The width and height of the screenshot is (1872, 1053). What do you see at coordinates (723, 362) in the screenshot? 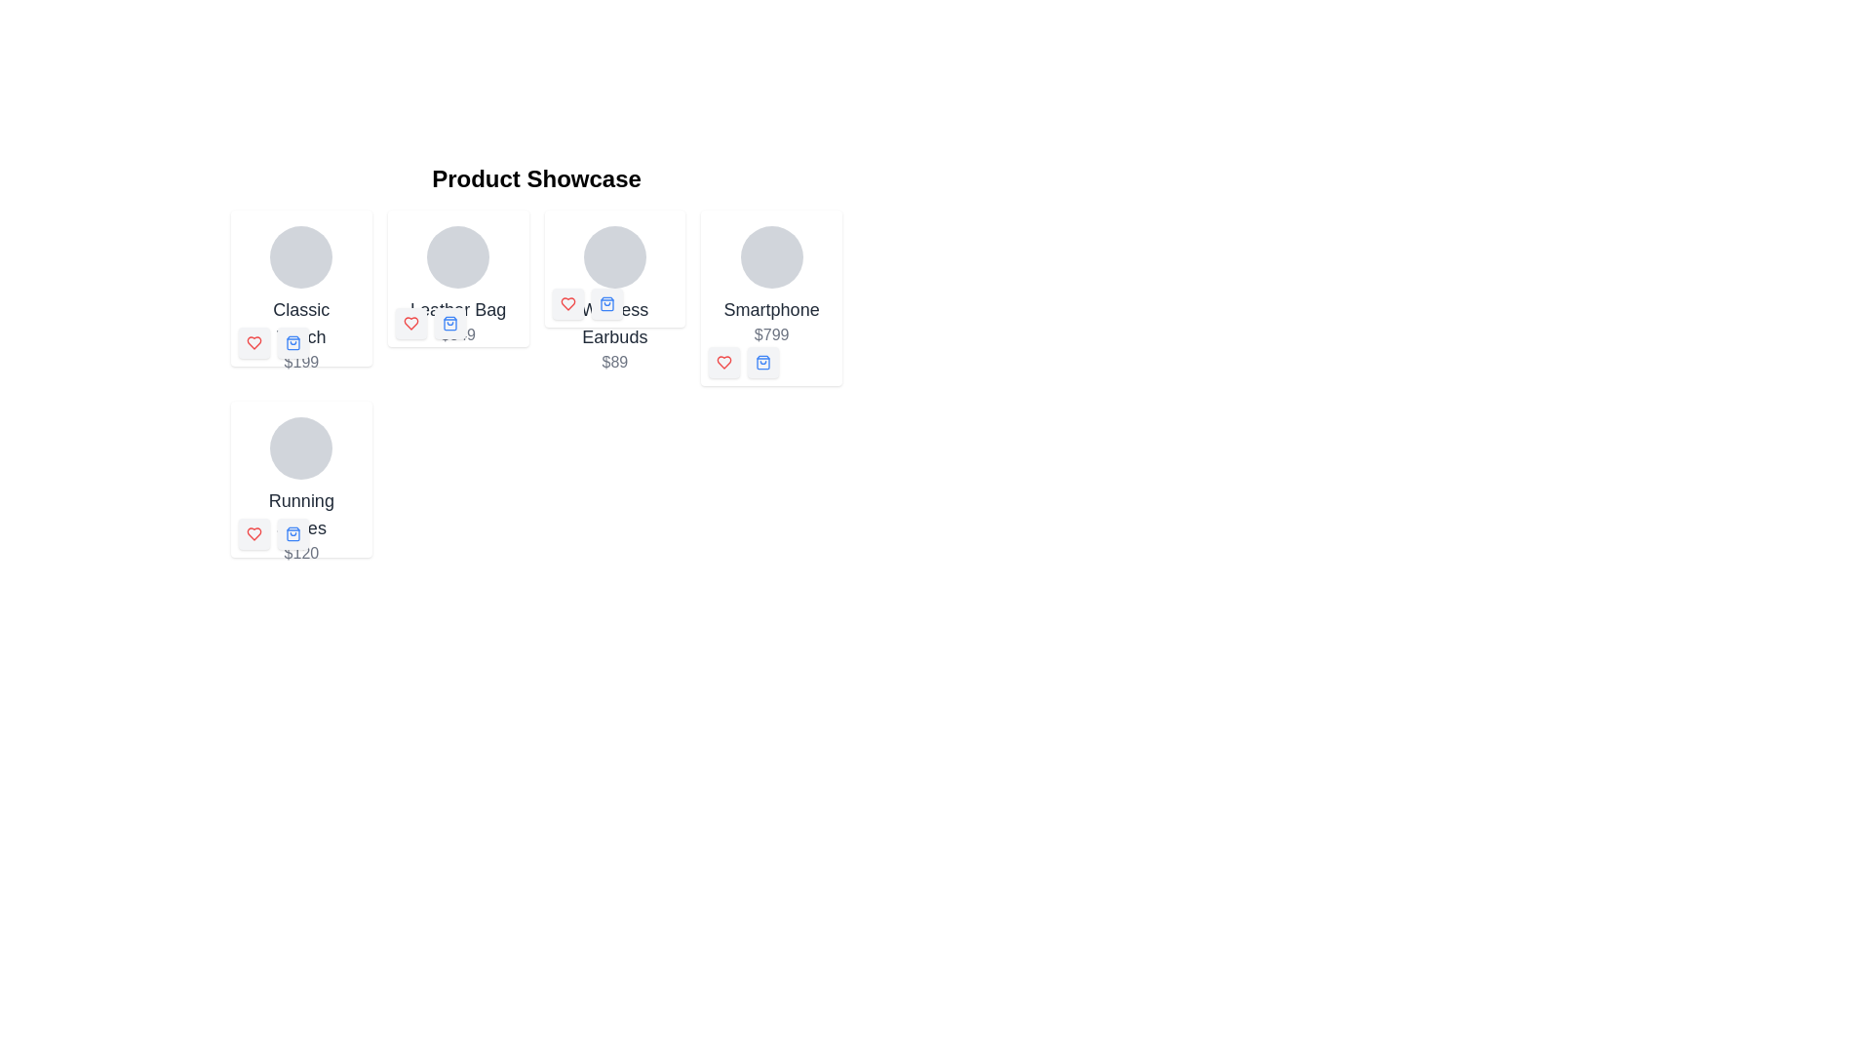
I see `the heart-shaped icon filled with red located in the bottom-left corner of the product card labeled 'Smartphone'` at bounding box center [723, 362].